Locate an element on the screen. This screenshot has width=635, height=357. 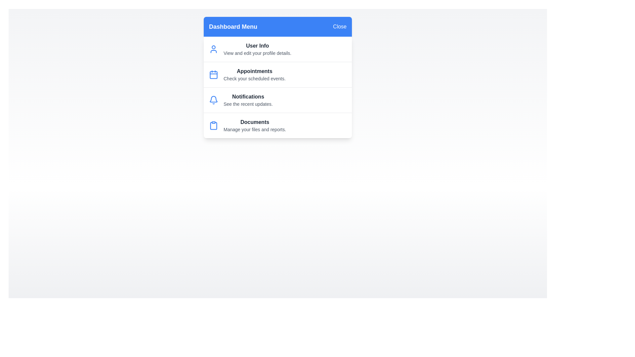
the menu item Documents to view its details is located at coordinates (214, 126).